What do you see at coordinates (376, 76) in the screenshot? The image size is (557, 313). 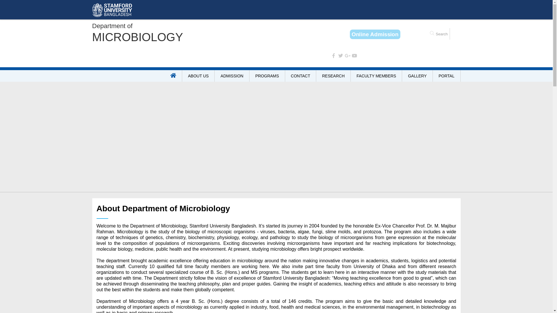 I see `'FACULTY MEMBERS'` at bounding box center [376, 76].